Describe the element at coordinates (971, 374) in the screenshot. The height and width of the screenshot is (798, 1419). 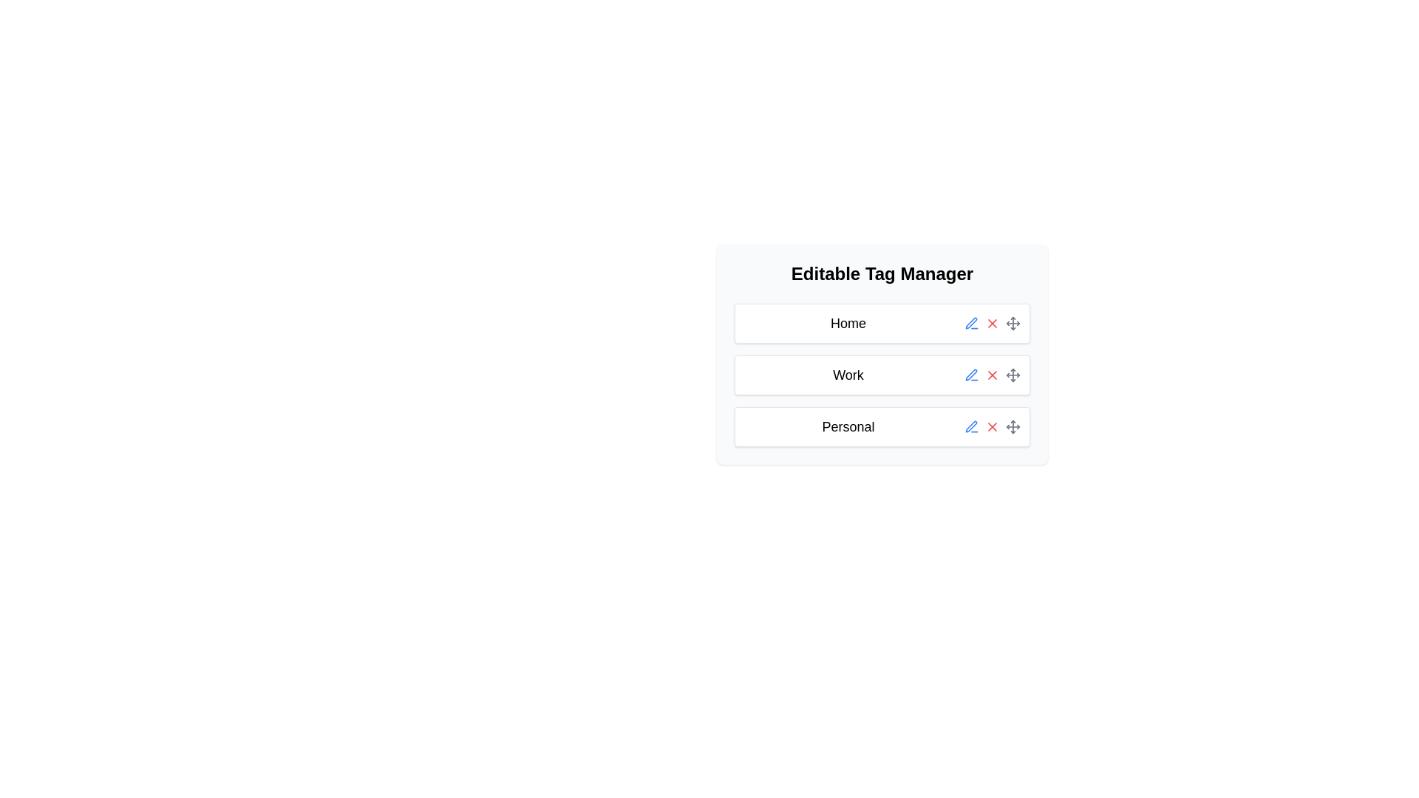
I see `the edit button icon located in the second row of the Editable Tag Manager interface, positioned to the right of the 'Work' label` at that location.